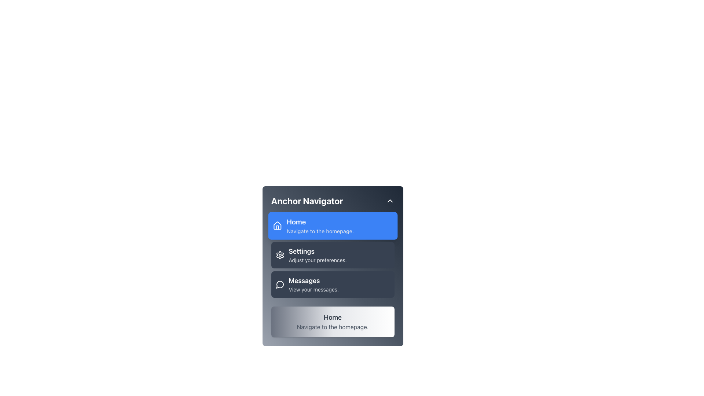 Image resolution: width=704 pixels, height=396 pixels. What do you see at coordinates (313, 280) in the screenshot?
I see `the text label that serves as a descriptive heading for the messages navigation item, positioned below the 'Settings' block and above the 'View your messages.' text` at bounding box center [313, 280].